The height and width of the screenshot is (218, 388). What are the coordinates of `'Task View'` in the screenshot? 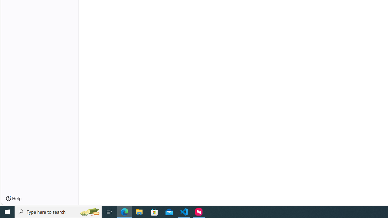 It's located at (109, 211).